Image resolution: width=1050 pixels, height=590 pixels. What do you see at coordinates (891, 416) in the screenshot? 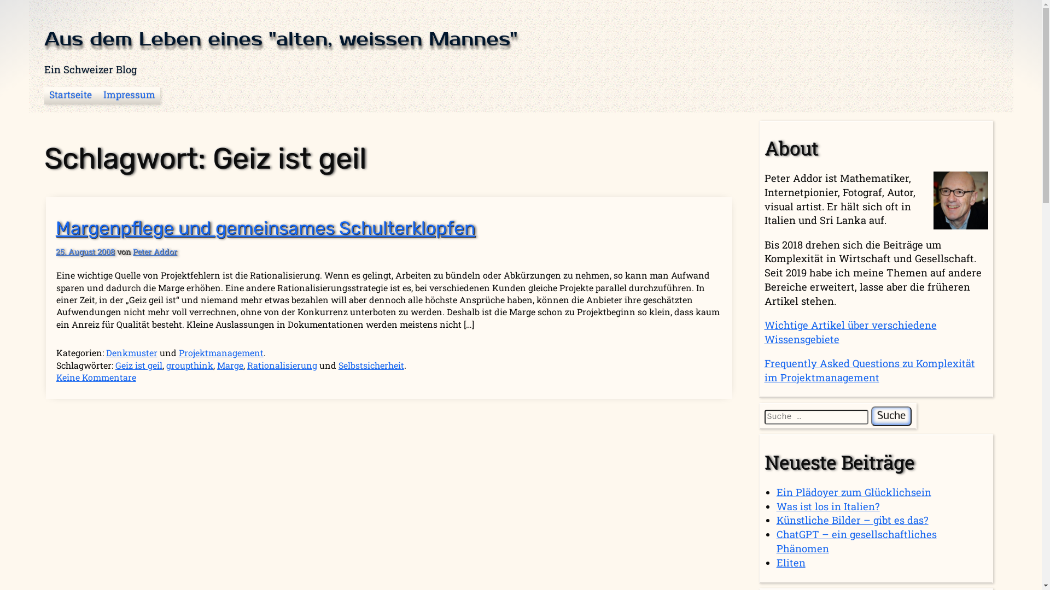
I see `'Suche'` at bounding box center [891, 416].